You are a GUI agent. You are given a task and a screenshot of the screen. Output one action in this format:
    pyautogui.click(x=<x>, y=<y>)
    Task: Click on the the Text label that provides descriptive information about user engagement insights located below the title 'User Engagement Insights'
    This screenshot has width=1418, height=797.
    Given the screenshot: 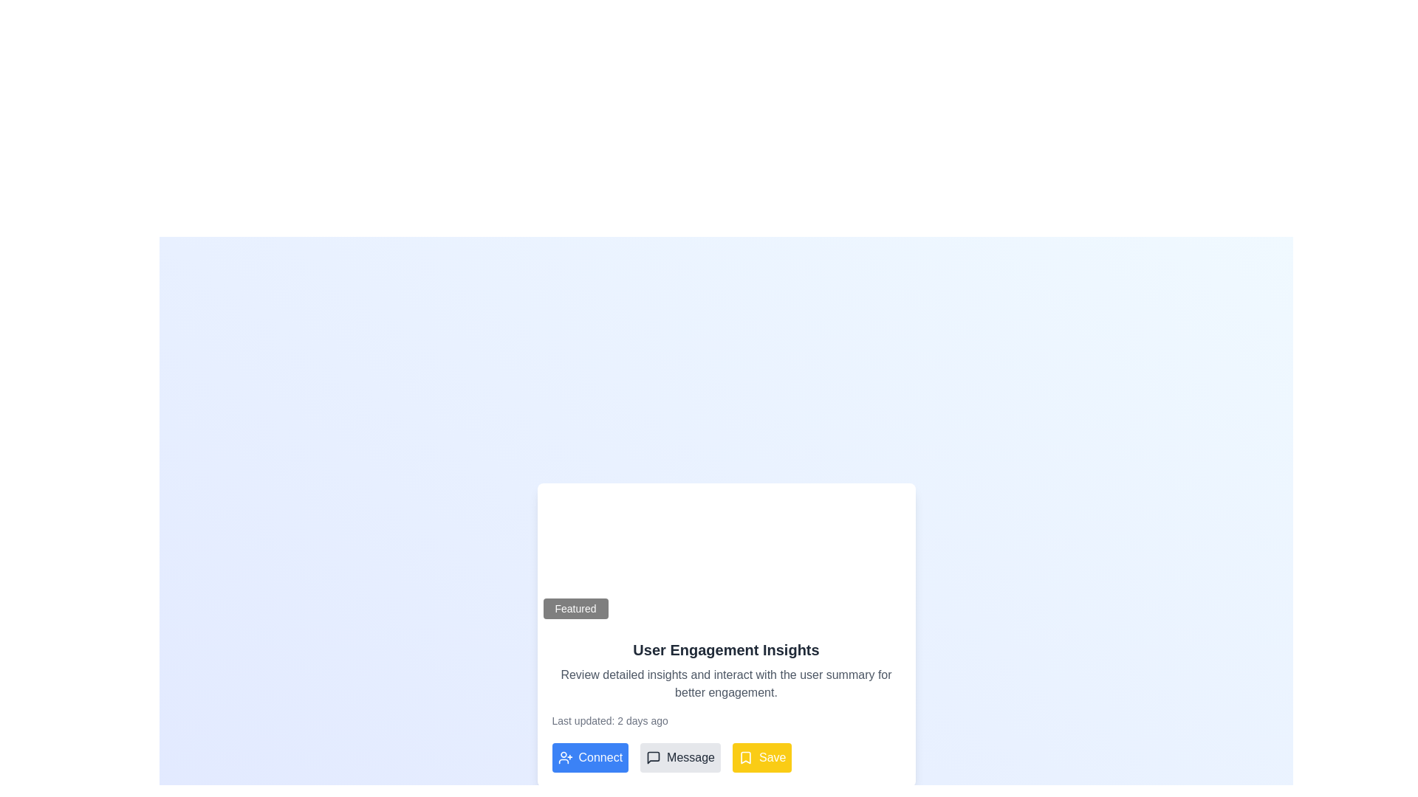 What is the action you would take?
    pyautogui.click(x=726, y=683)
    